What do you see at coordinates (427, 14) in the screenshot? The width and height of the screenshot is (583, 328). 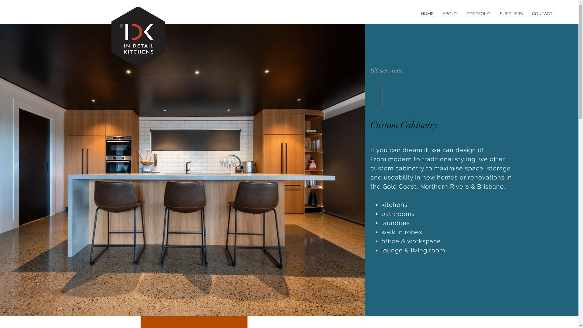 I see `'HOME'` at bounding box center [427, 14].